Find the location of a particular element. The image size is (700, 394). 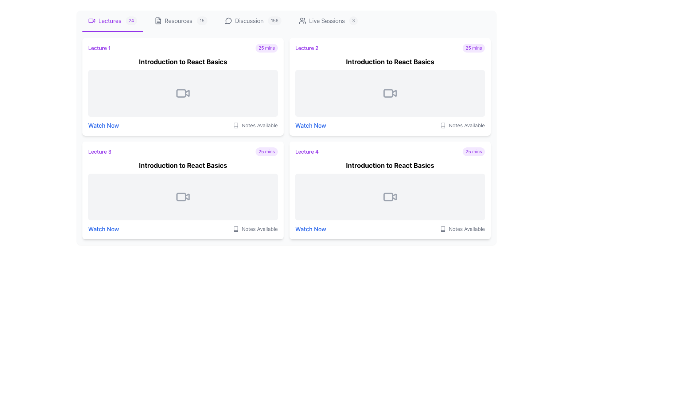

the 'Lectures' text label, which is displayed in a bold purple font and is part of the primary navigation bar at the top left of the interface is located at coordinates (109, 20).